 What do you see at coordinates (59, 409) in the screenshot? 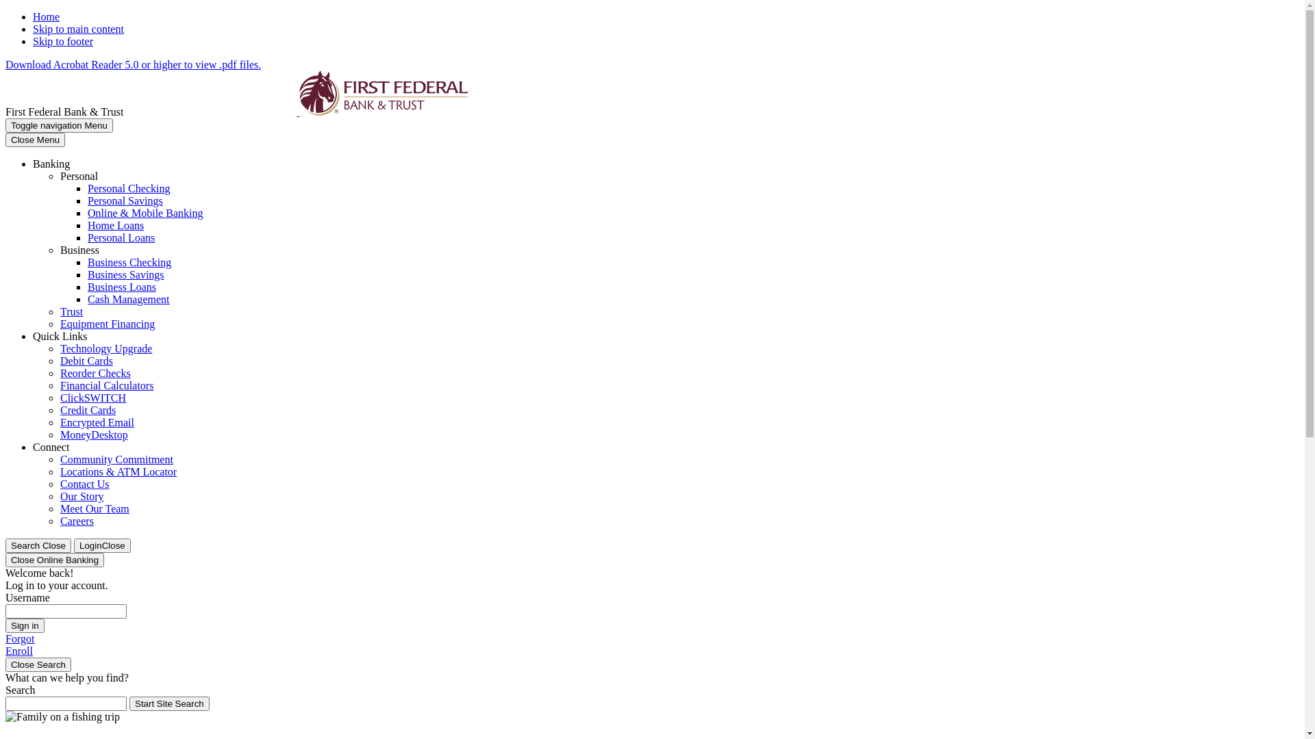
I see `'Credit Cards'` at bounding box center [59, 409].